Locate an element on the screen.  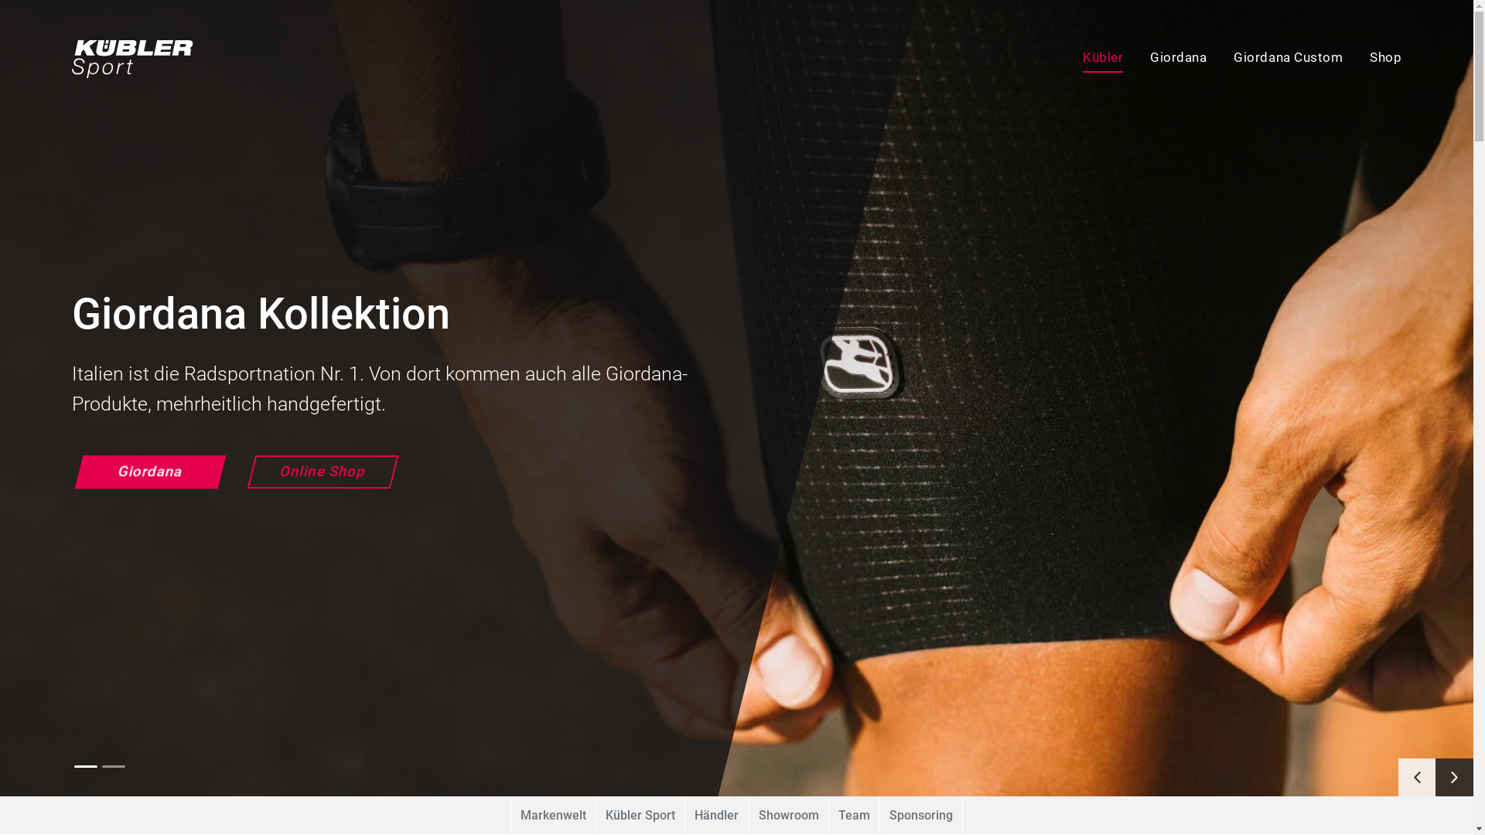
'Giordana Custom' is located at coordinates (1275, 58).